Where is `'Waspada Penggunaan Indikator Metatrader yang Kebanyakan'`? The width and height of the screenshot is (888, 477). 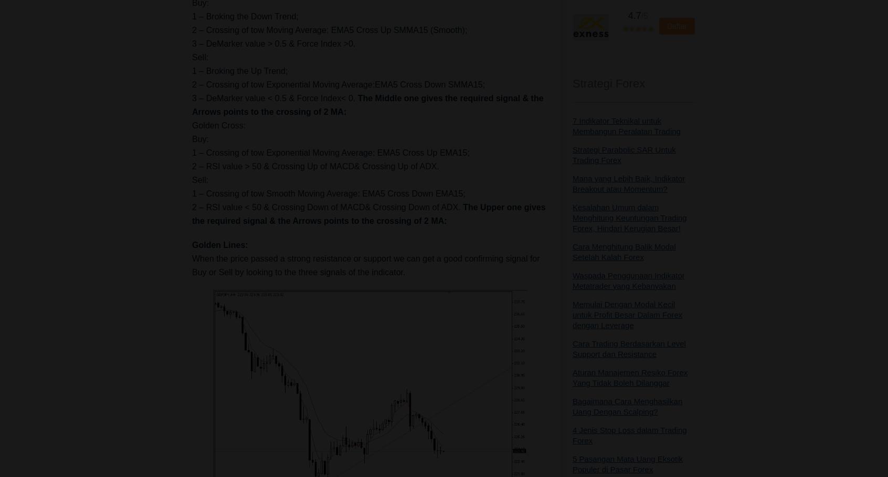 'Waspada Penggunaan Indikator Metatrader yang Kebanyakan' is located at coordinates (628, 280).